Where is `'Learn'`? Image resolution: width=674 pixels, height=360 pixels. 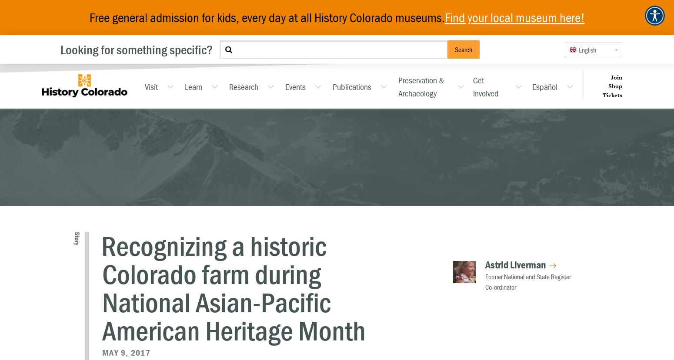
'Learn' is located at coordinates (184, 86).